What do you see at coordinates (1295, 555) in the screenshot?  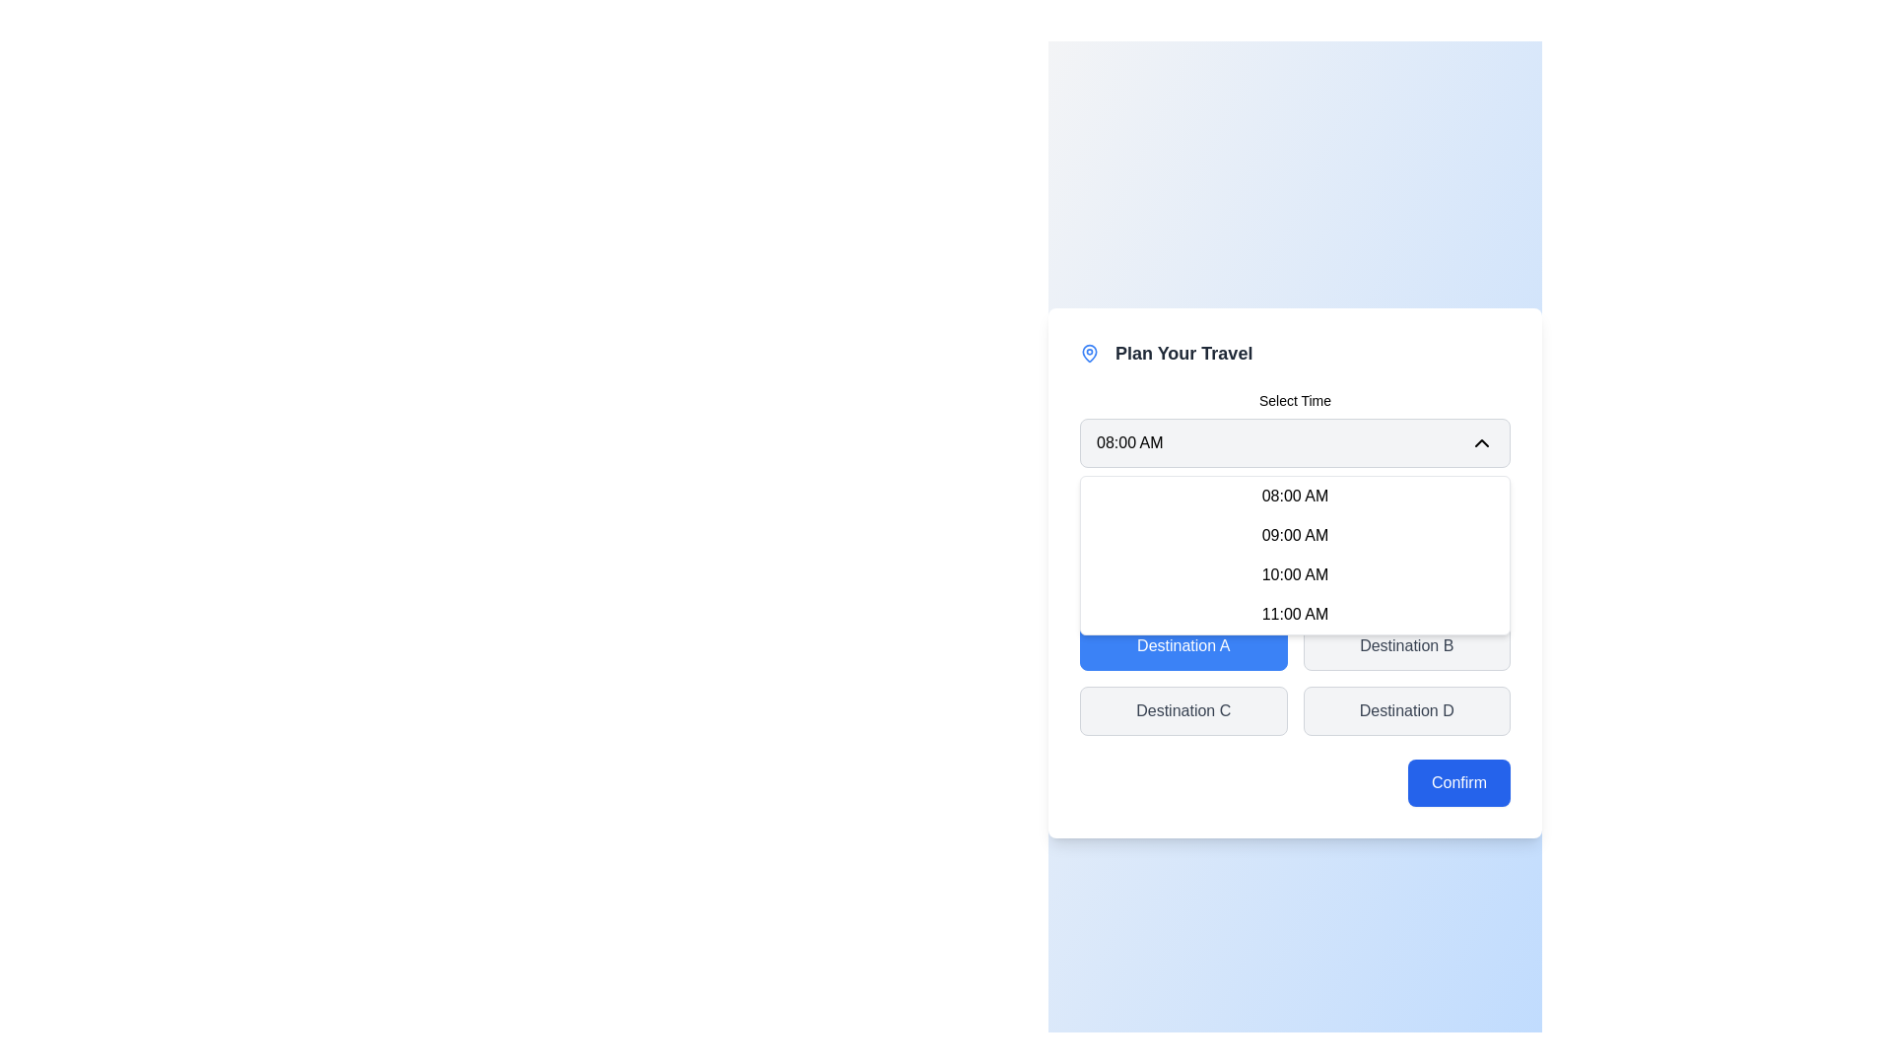 I see `keyboard navigation` at bounding box center [1295, 555].